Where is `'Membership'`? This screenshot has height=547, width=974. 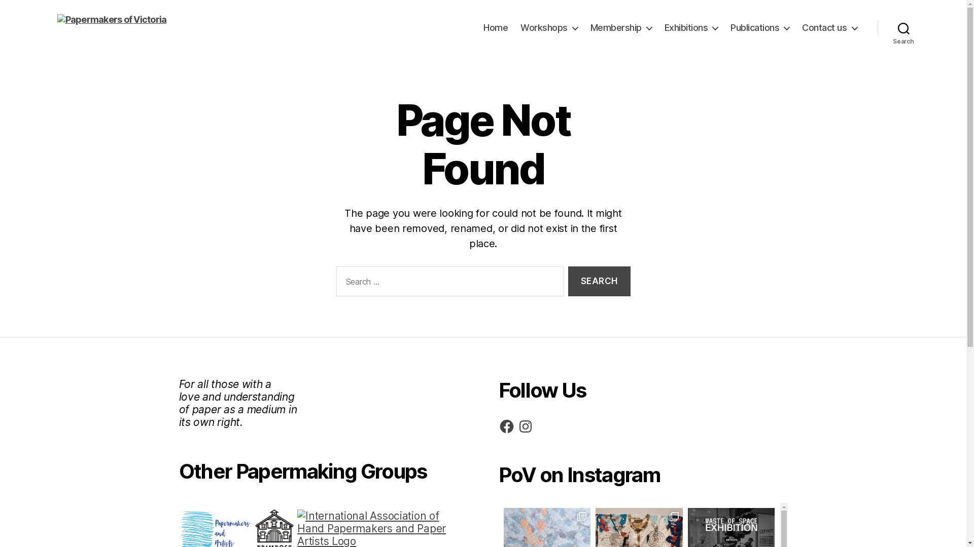
'Membership' is located at coordinates (620, 27).